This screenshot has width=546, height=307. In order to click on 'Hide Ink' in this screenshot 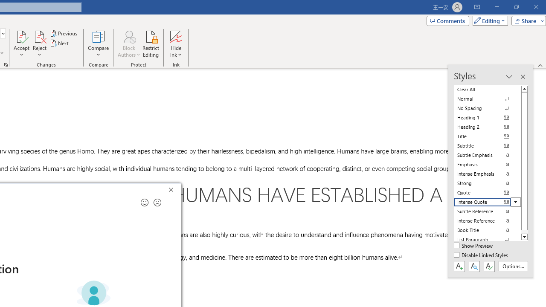, I will do `click(175, 44)`.